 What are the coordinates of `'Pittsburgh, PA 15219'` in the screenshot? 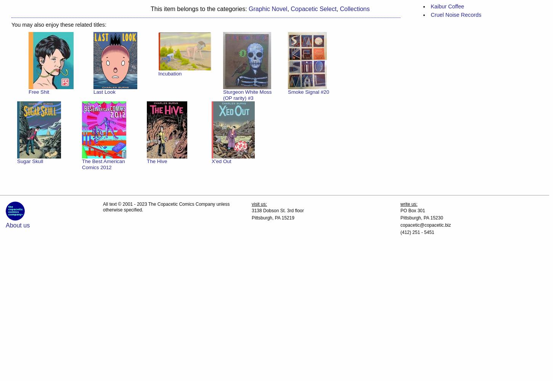 It's located at (272, 217).